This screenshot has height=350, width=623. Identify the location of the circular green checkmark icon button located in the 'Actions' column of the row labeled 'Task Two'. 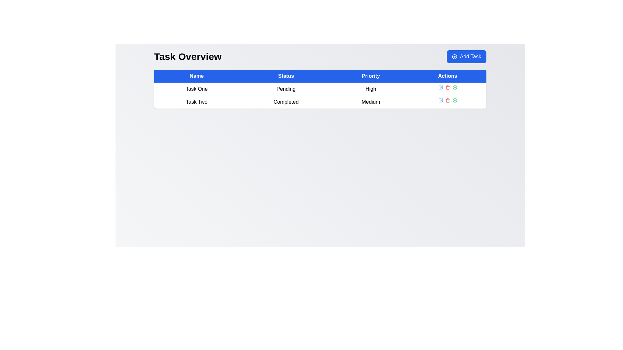
(454, 87).